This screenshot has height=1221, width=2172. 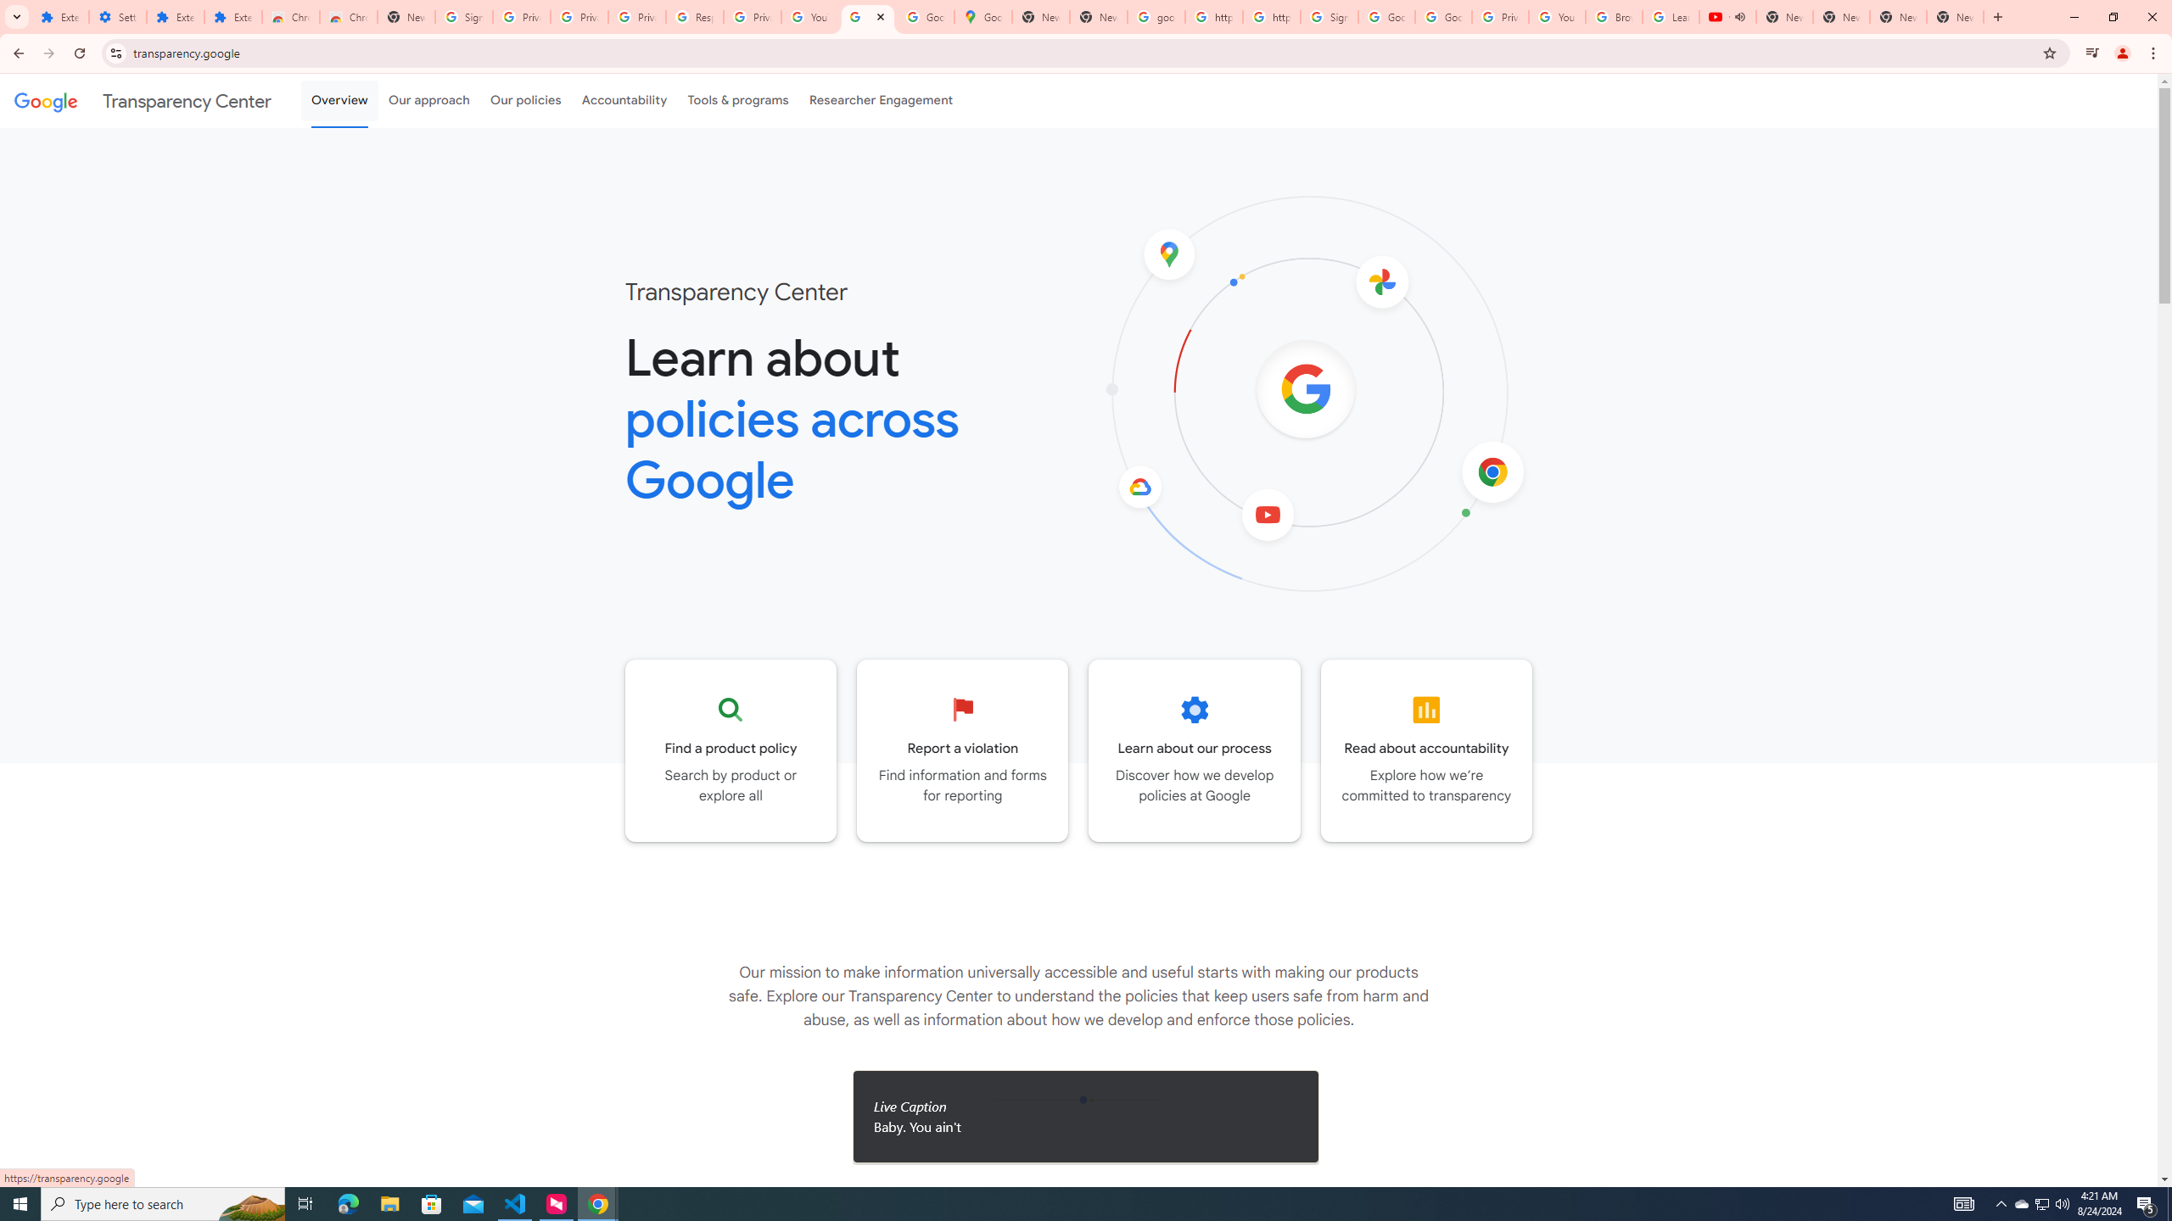 What do you see at coordinates (428, 100) in the screenshot?
I see `'Our approach'` at bounding box center [428, 100].